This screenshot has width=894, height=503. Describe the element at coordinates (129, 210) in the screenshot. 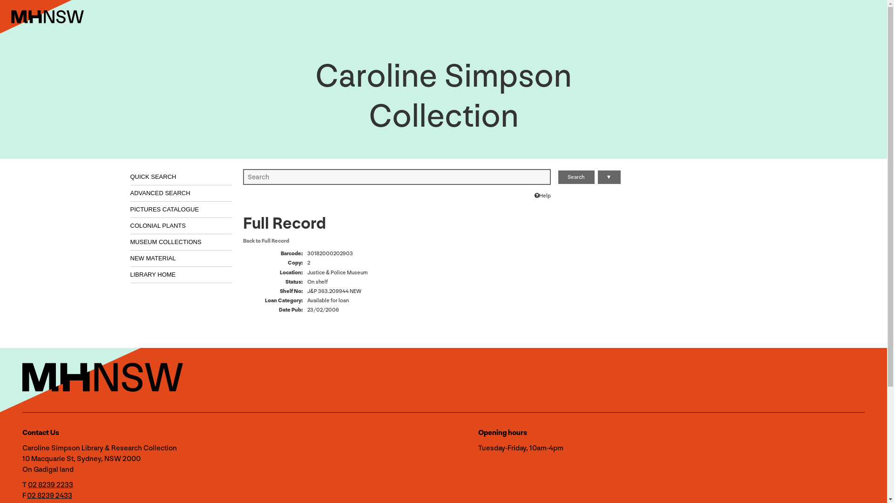

I see `'PICTURES CATALOGUE'` at that location.